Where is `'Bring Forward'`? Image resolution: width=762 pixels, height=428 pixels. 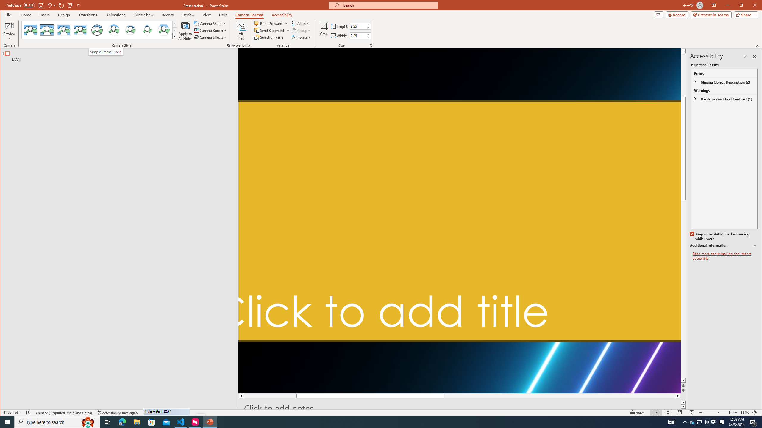 'Bring Forward' is located at coordinates (271, 23).